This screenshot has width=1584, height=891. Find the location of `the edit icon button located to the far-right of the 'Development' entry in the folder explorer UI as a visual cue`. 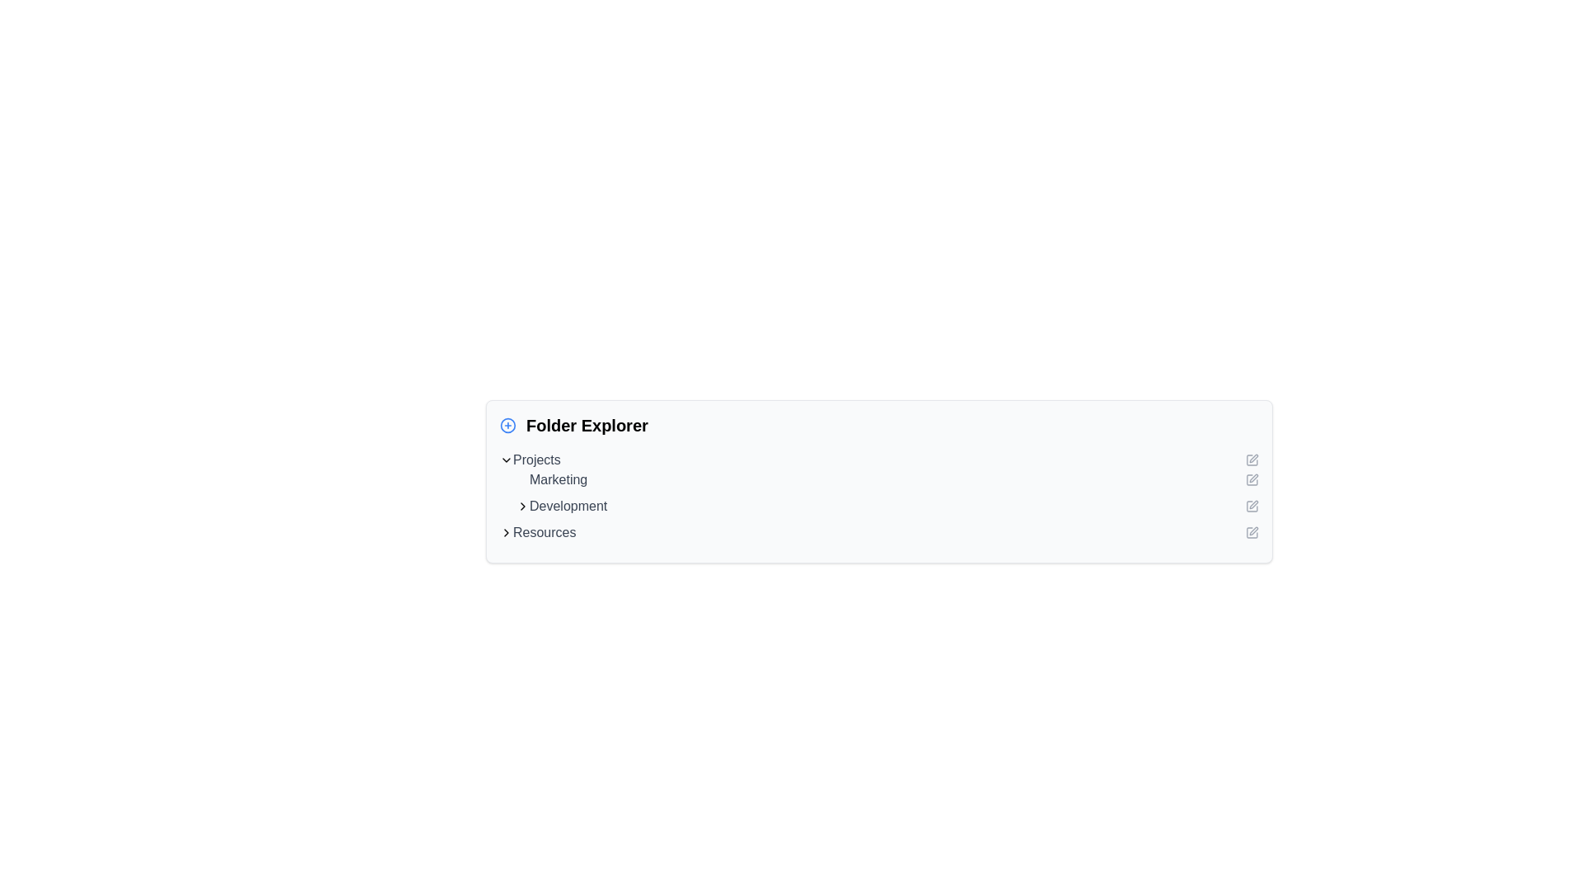

the edit icon button located to the far-right of the 'Development' entry in the folder explorer UI as a visual cue is located at coordinates (1252, 505).